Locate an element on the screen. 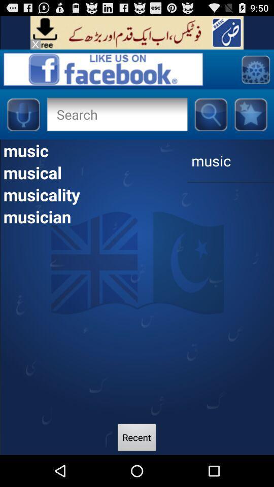 This screenshot has height=487, width=274. the tab is located at coordinates (35, 44).